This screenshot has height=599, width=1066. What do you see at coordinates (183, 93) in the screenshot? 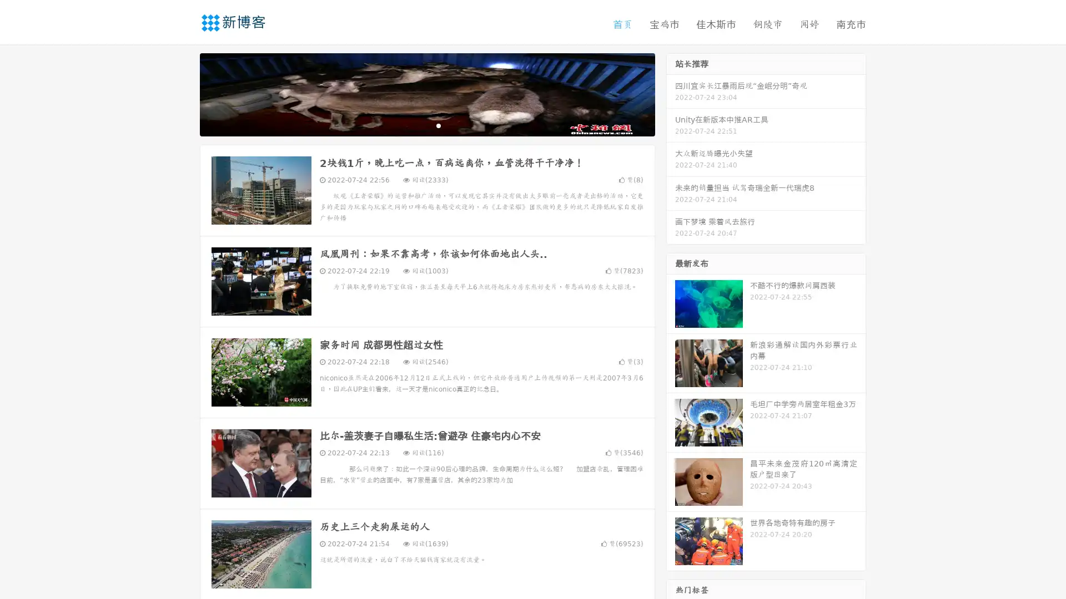
I see `Previous slide` at bounding box center [183, 93].